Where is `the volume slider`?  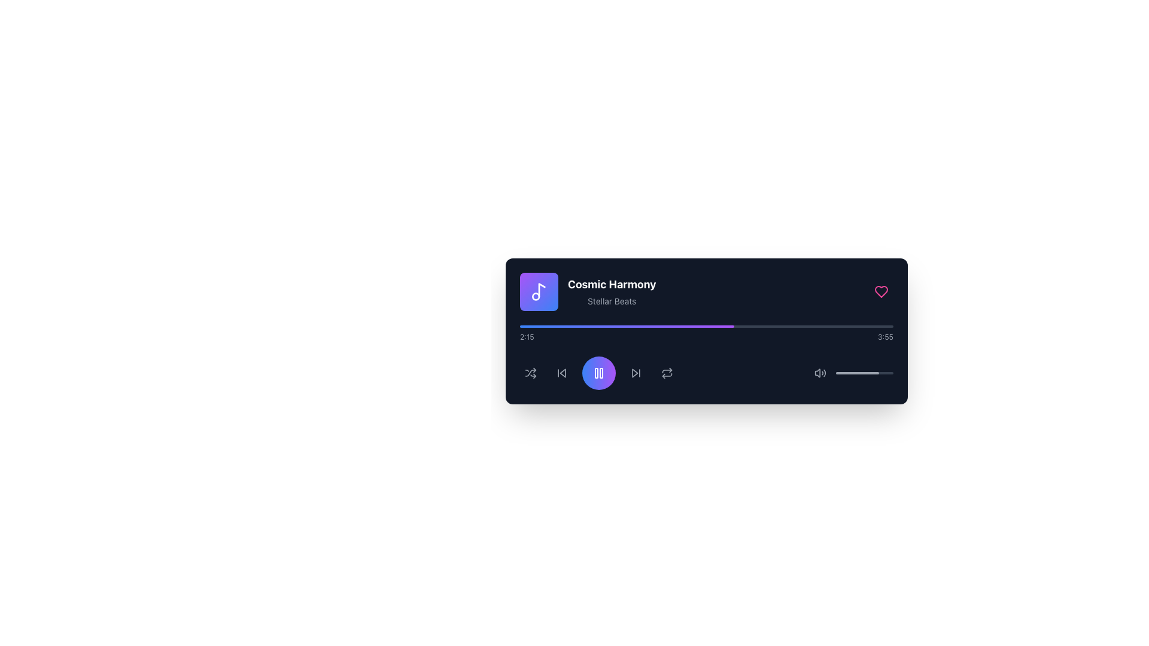
the volume slider is located at coordinates (883, 373).